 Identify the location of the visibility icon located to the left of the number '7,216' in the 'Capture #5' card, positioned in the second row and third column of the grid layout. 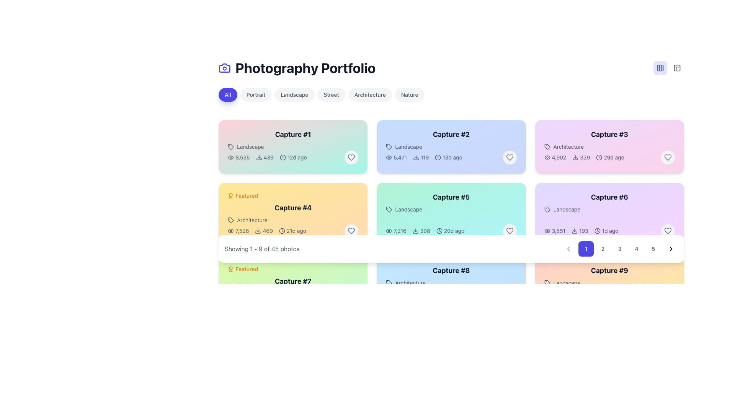
(389, 231).